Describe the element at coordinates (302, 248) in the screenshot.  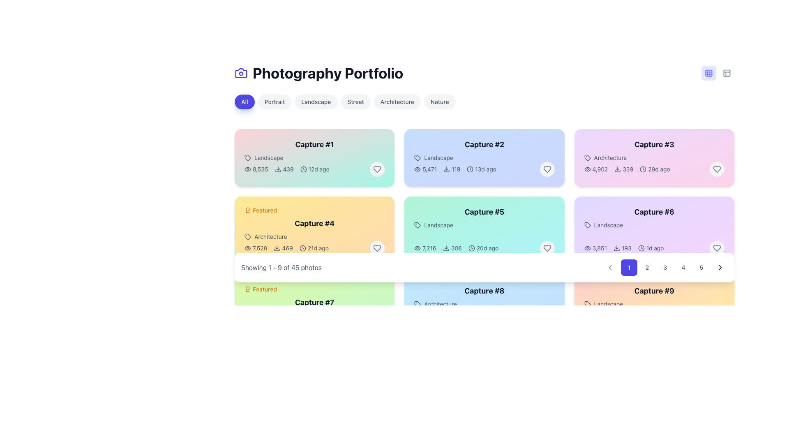
I see `the circular shape within the SVG clock icon located at the bottom center of the orange card labeled 'Capture #4'` at that location.